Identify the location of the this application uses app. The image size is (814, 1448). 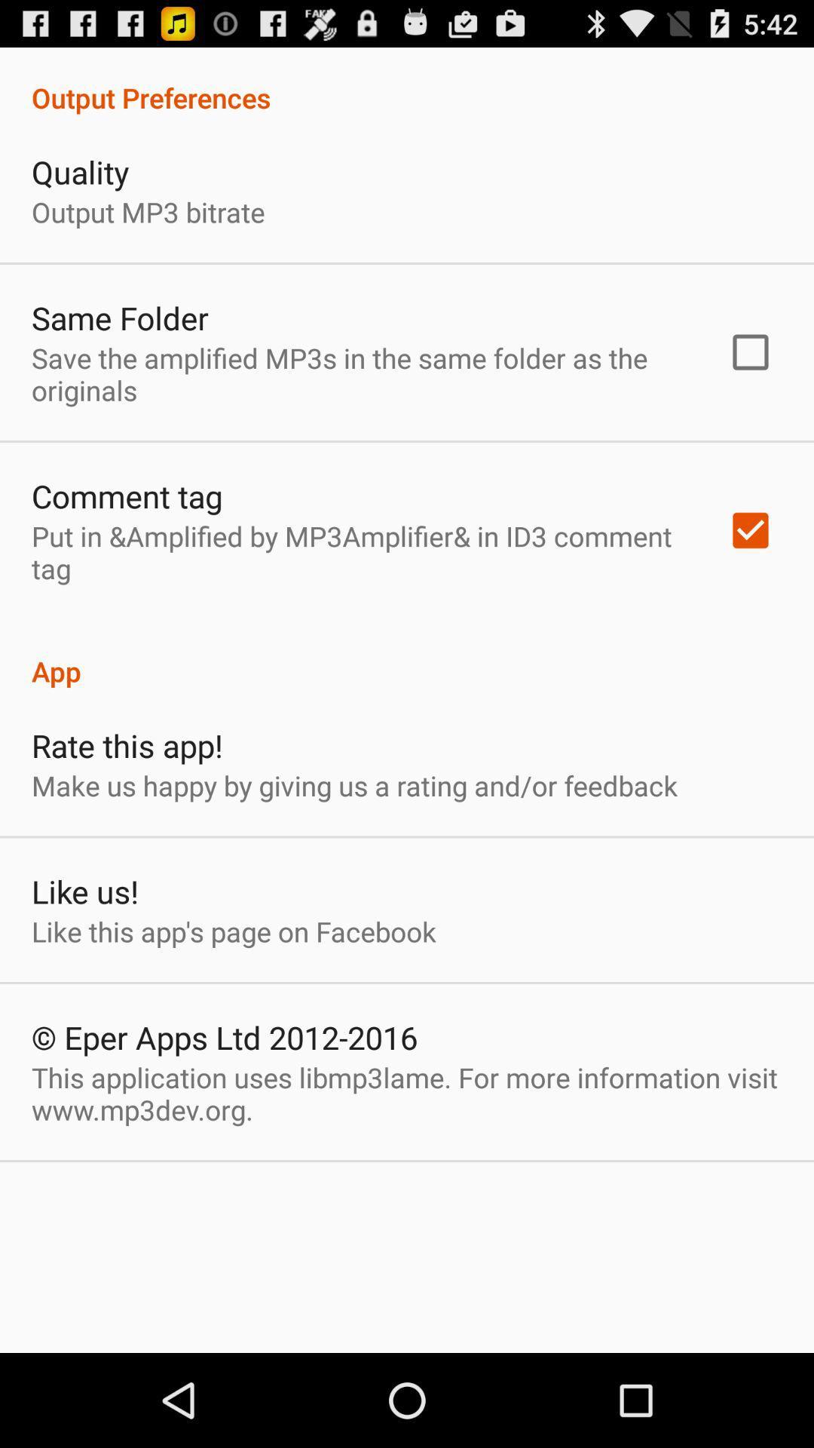
(407, 1094).